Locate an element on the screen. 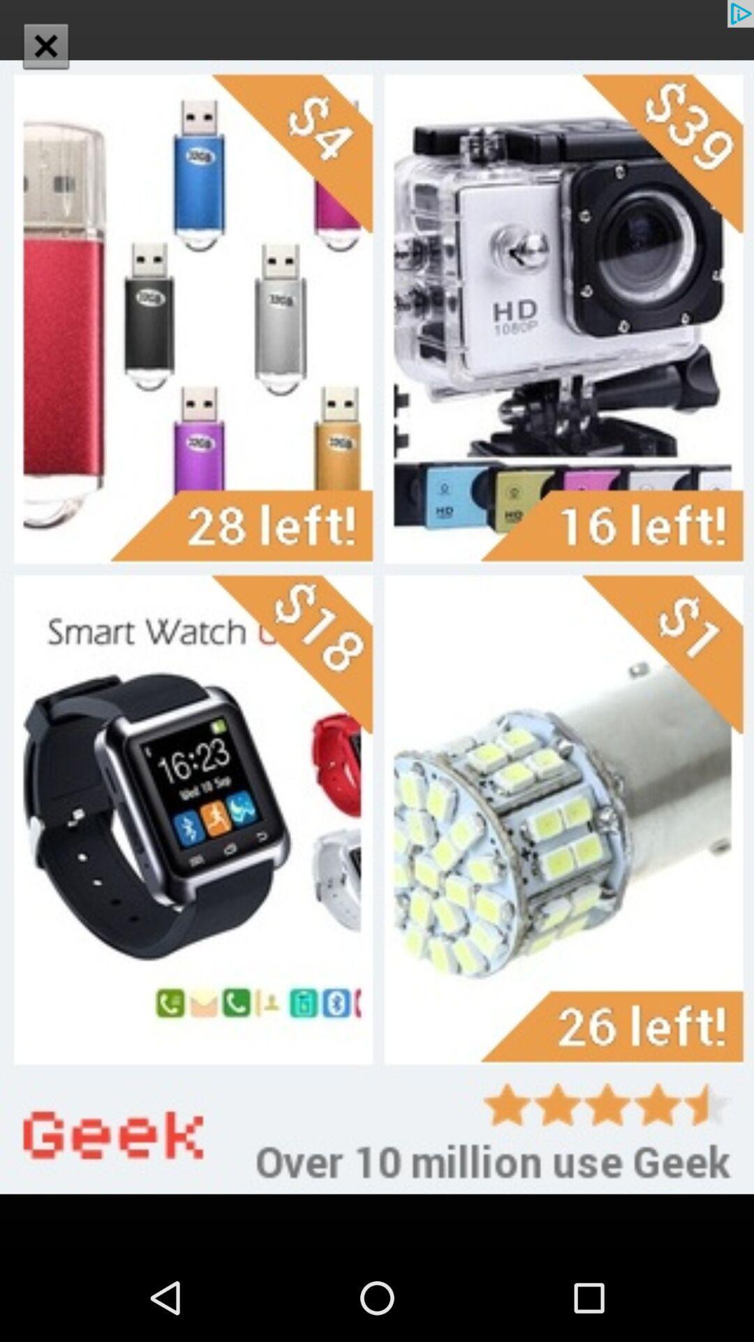 The width and height of the screenshot is (754, 1342). the close icon is located at coordinates (45, 49).